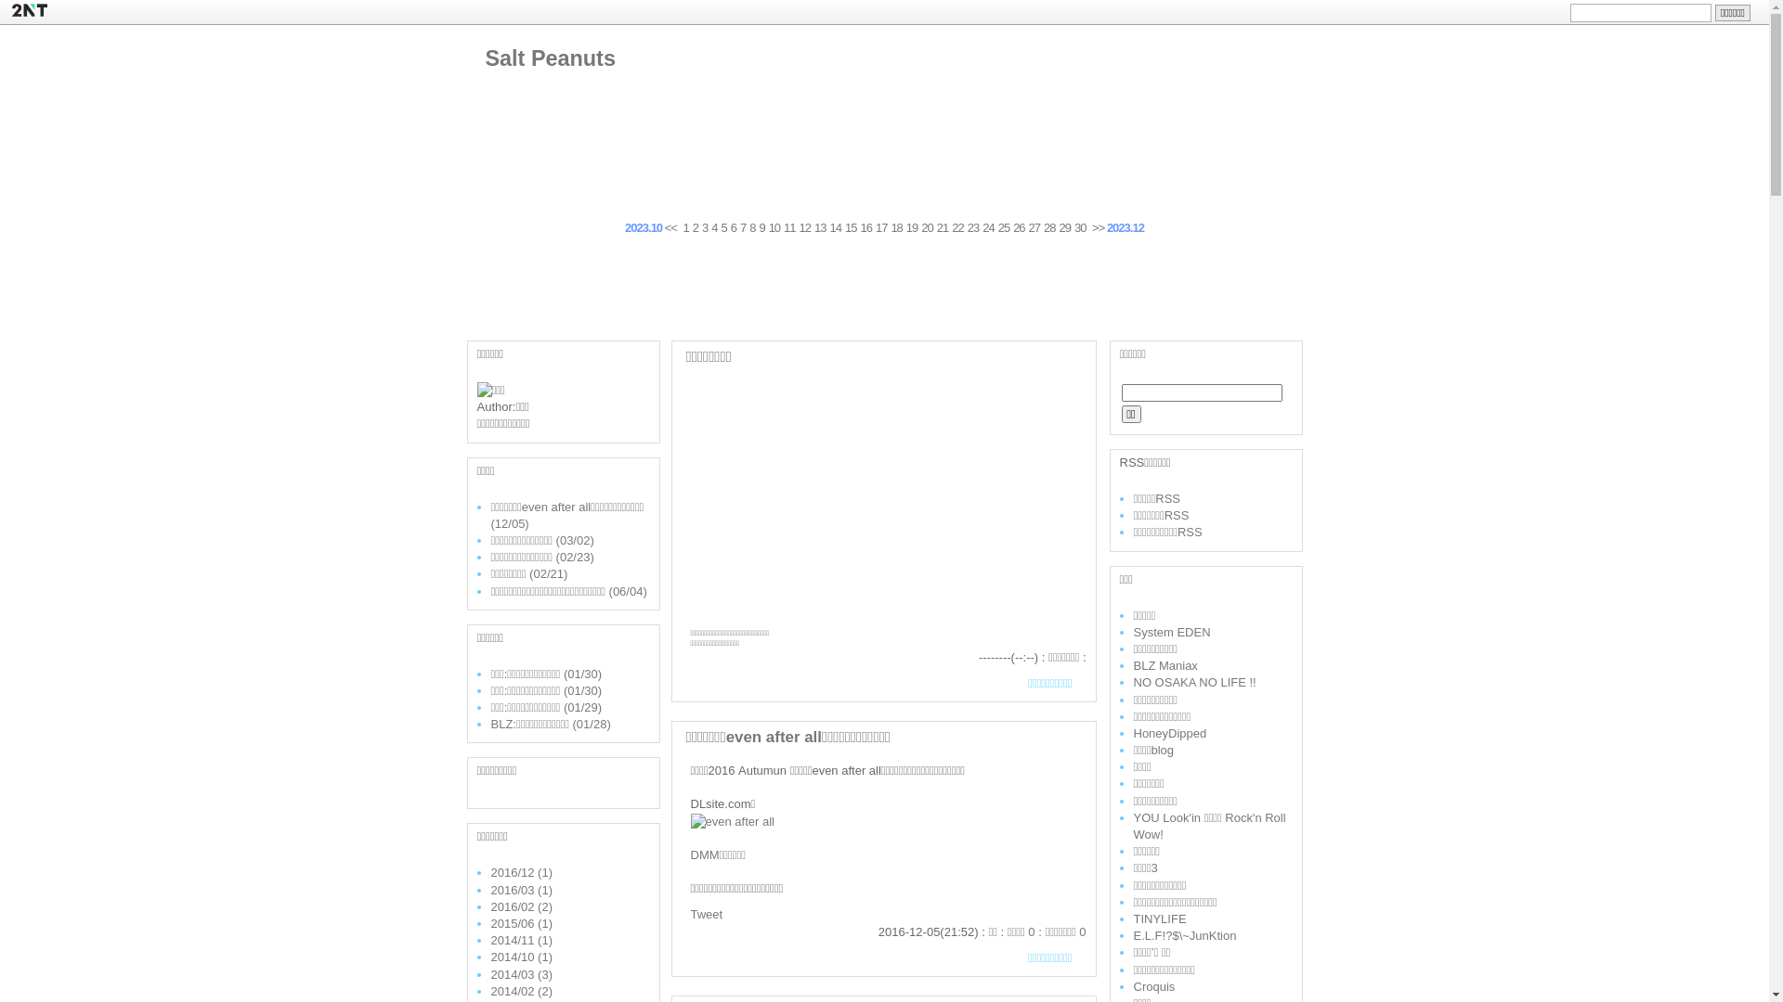  Describe the element at coordinates (731, 819) in the screenshot. I see `'even after all'` at that location.